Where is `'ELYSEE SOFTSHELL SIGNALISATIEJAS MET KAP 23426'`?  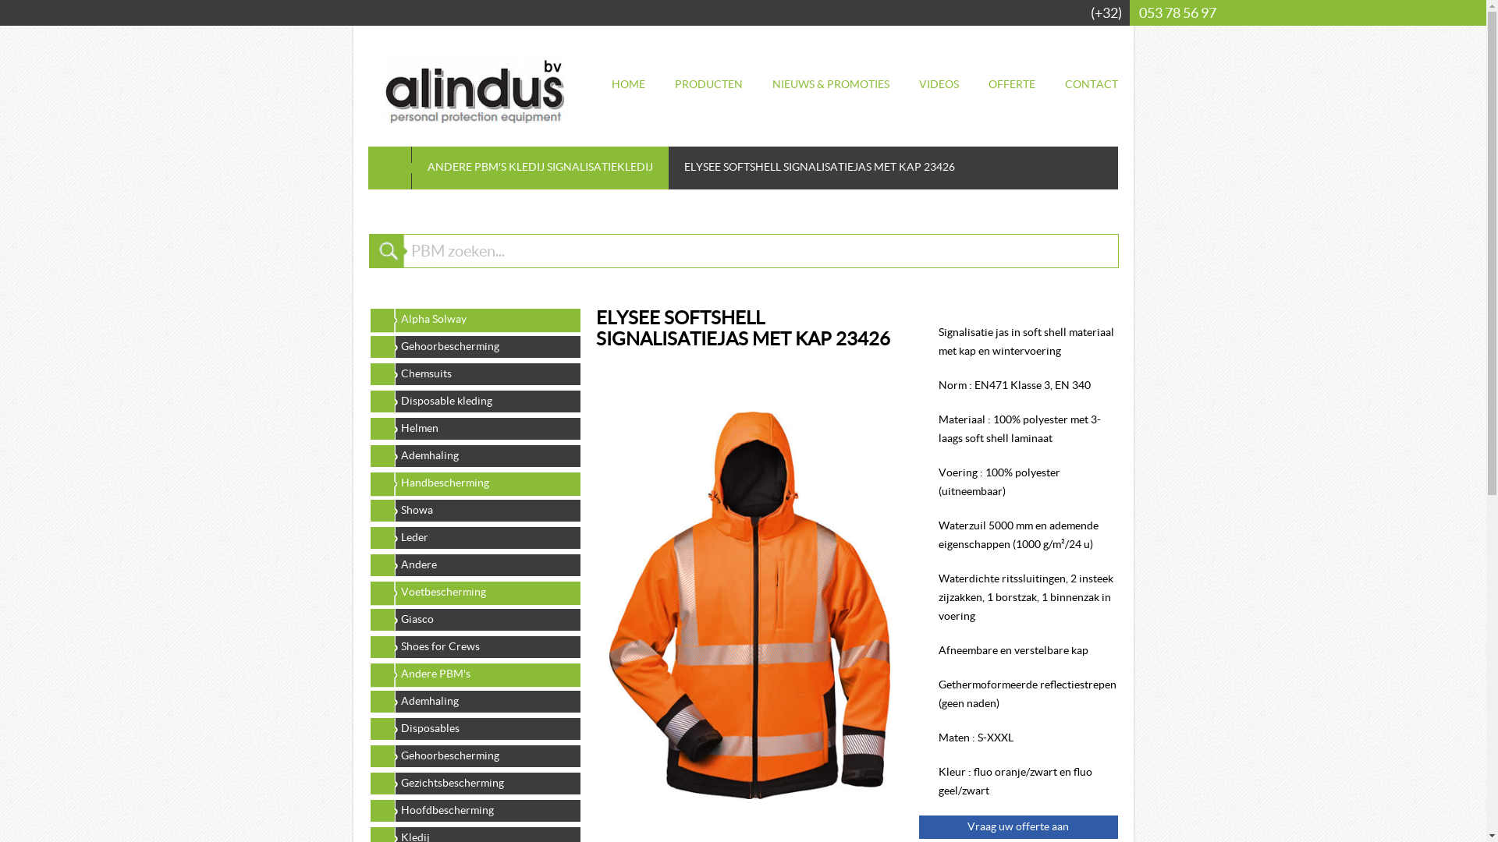
'ELYSEE SOFTSHELL SIGNALISATIEJAS MET KAP 23426' is located at coordinates (607, 604).